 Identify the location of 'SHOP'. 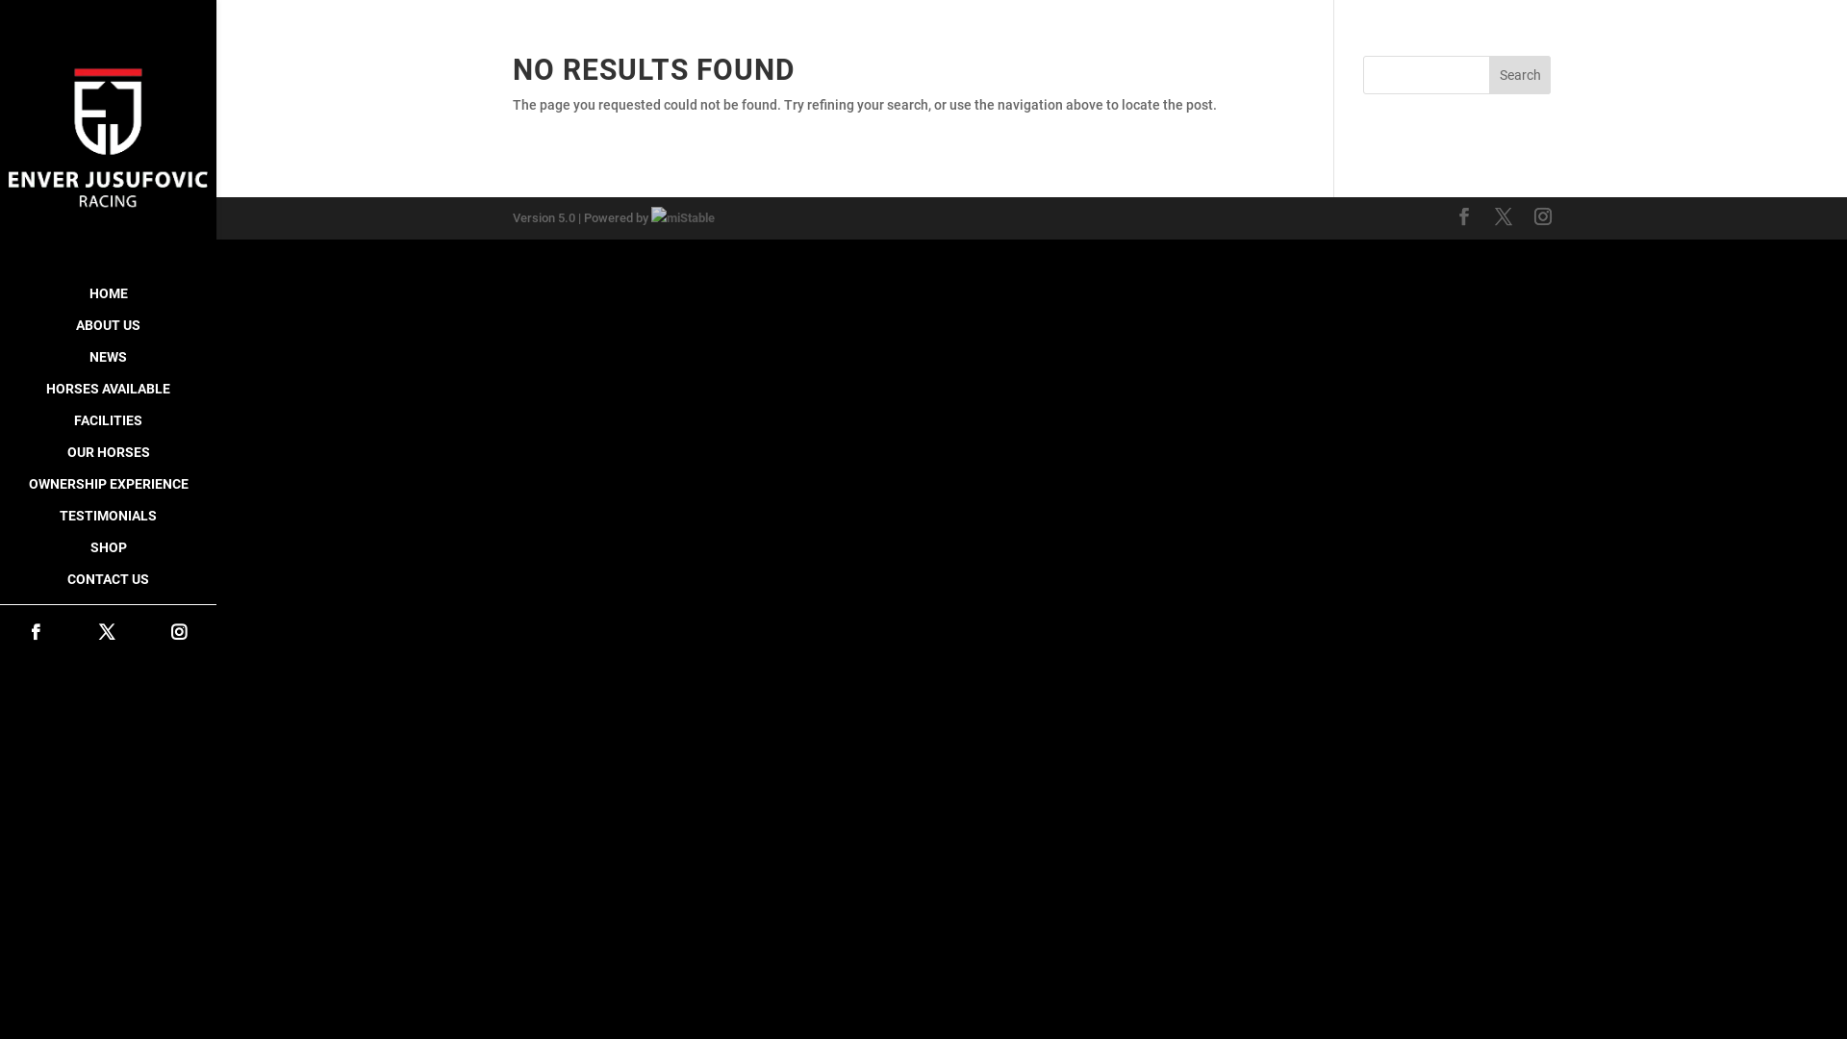
(107, 556).